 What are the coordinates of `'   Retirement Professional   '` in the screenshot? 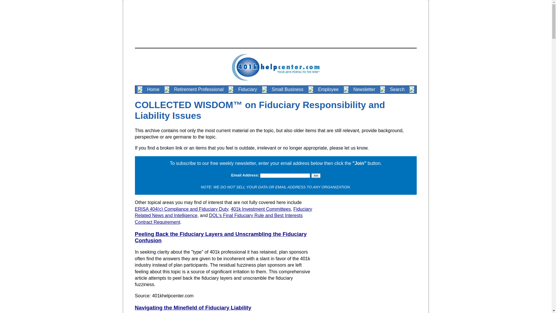 It's located at (199, 89).